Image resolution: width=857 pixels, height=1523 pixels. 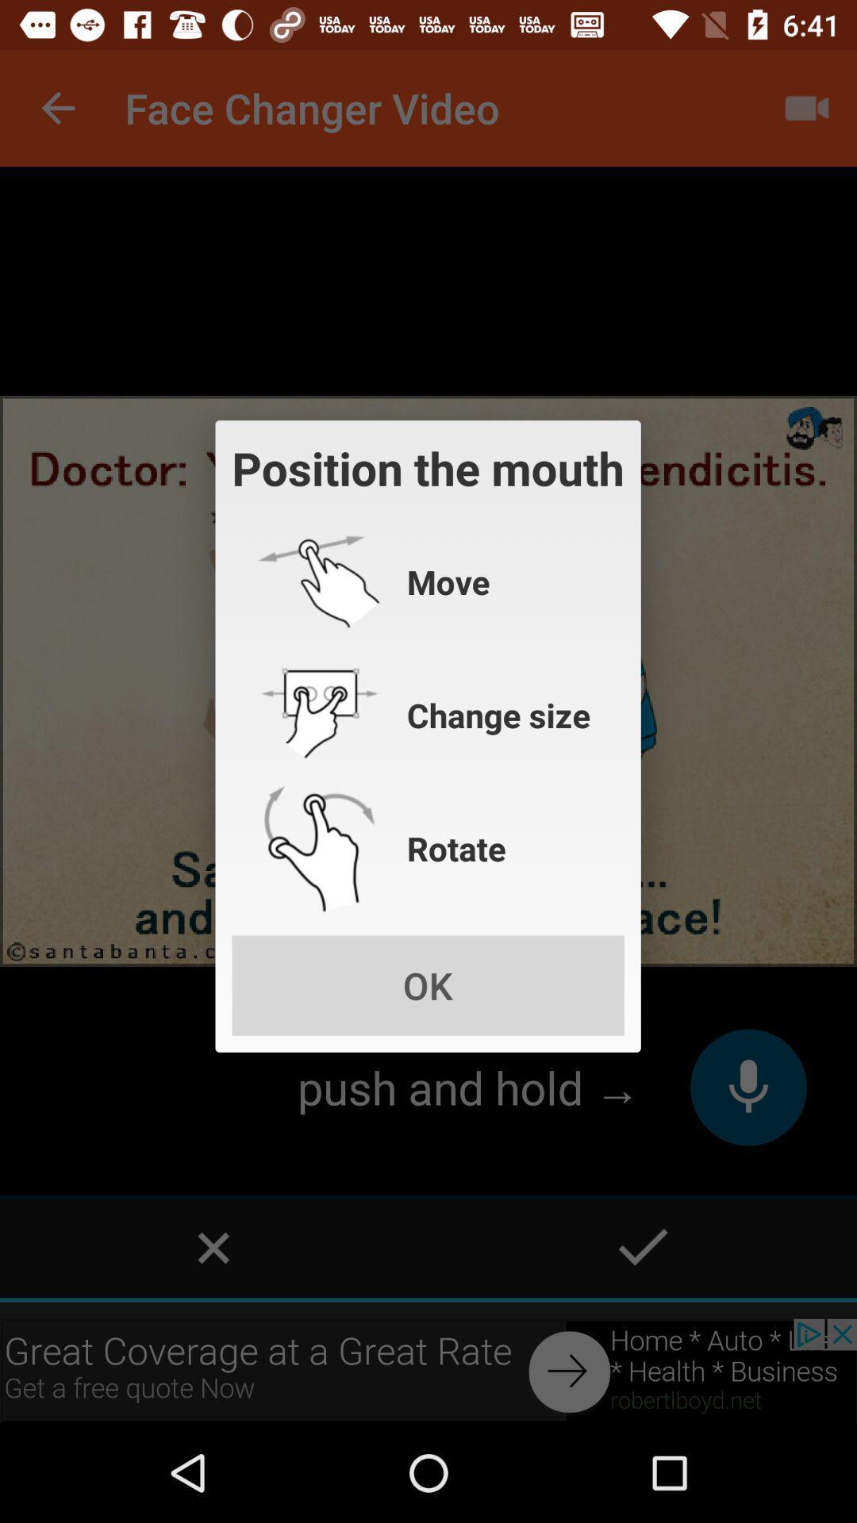 I want to click on the ok icon, so click(x=427, y=984).